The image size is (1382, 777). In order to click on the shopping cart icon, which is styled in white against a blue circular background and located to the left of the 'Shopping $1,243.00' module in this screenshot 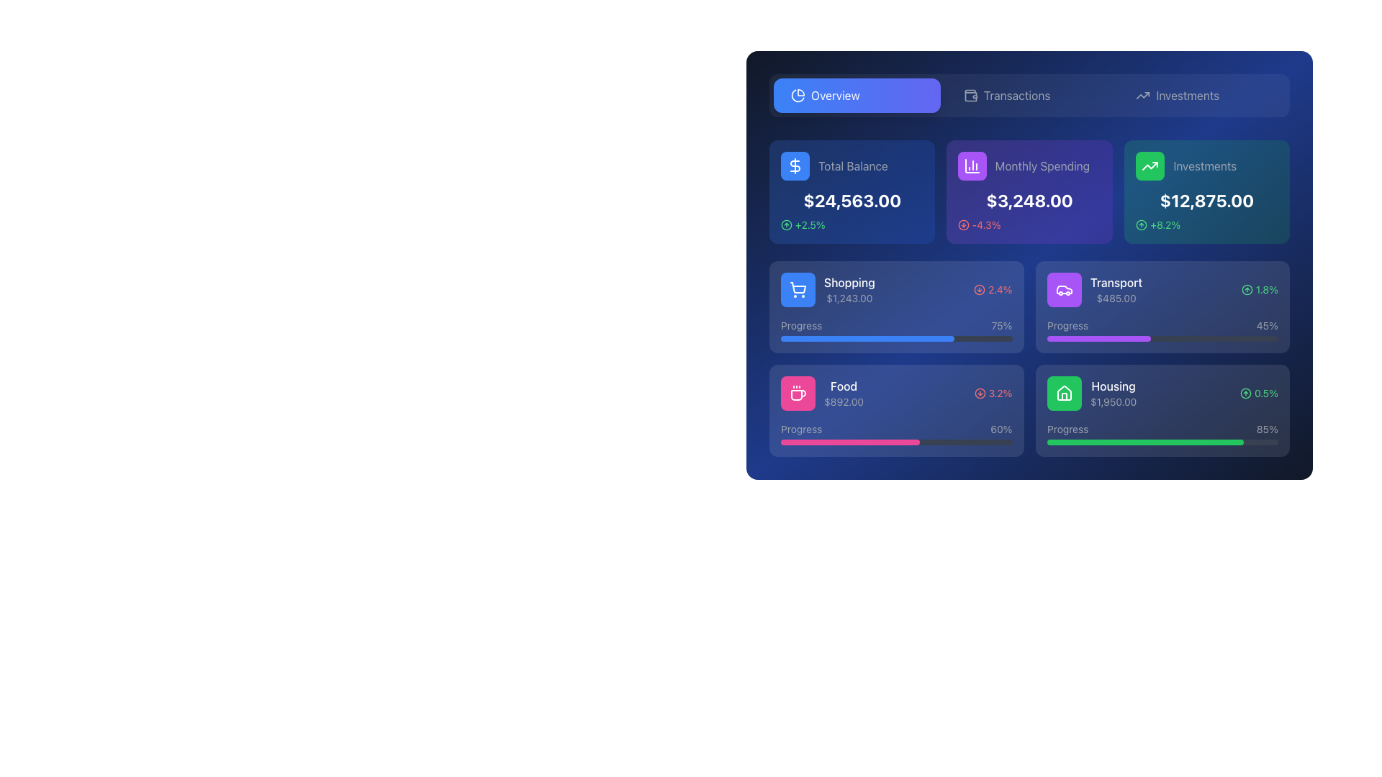, I will do `click(797, 289)`.